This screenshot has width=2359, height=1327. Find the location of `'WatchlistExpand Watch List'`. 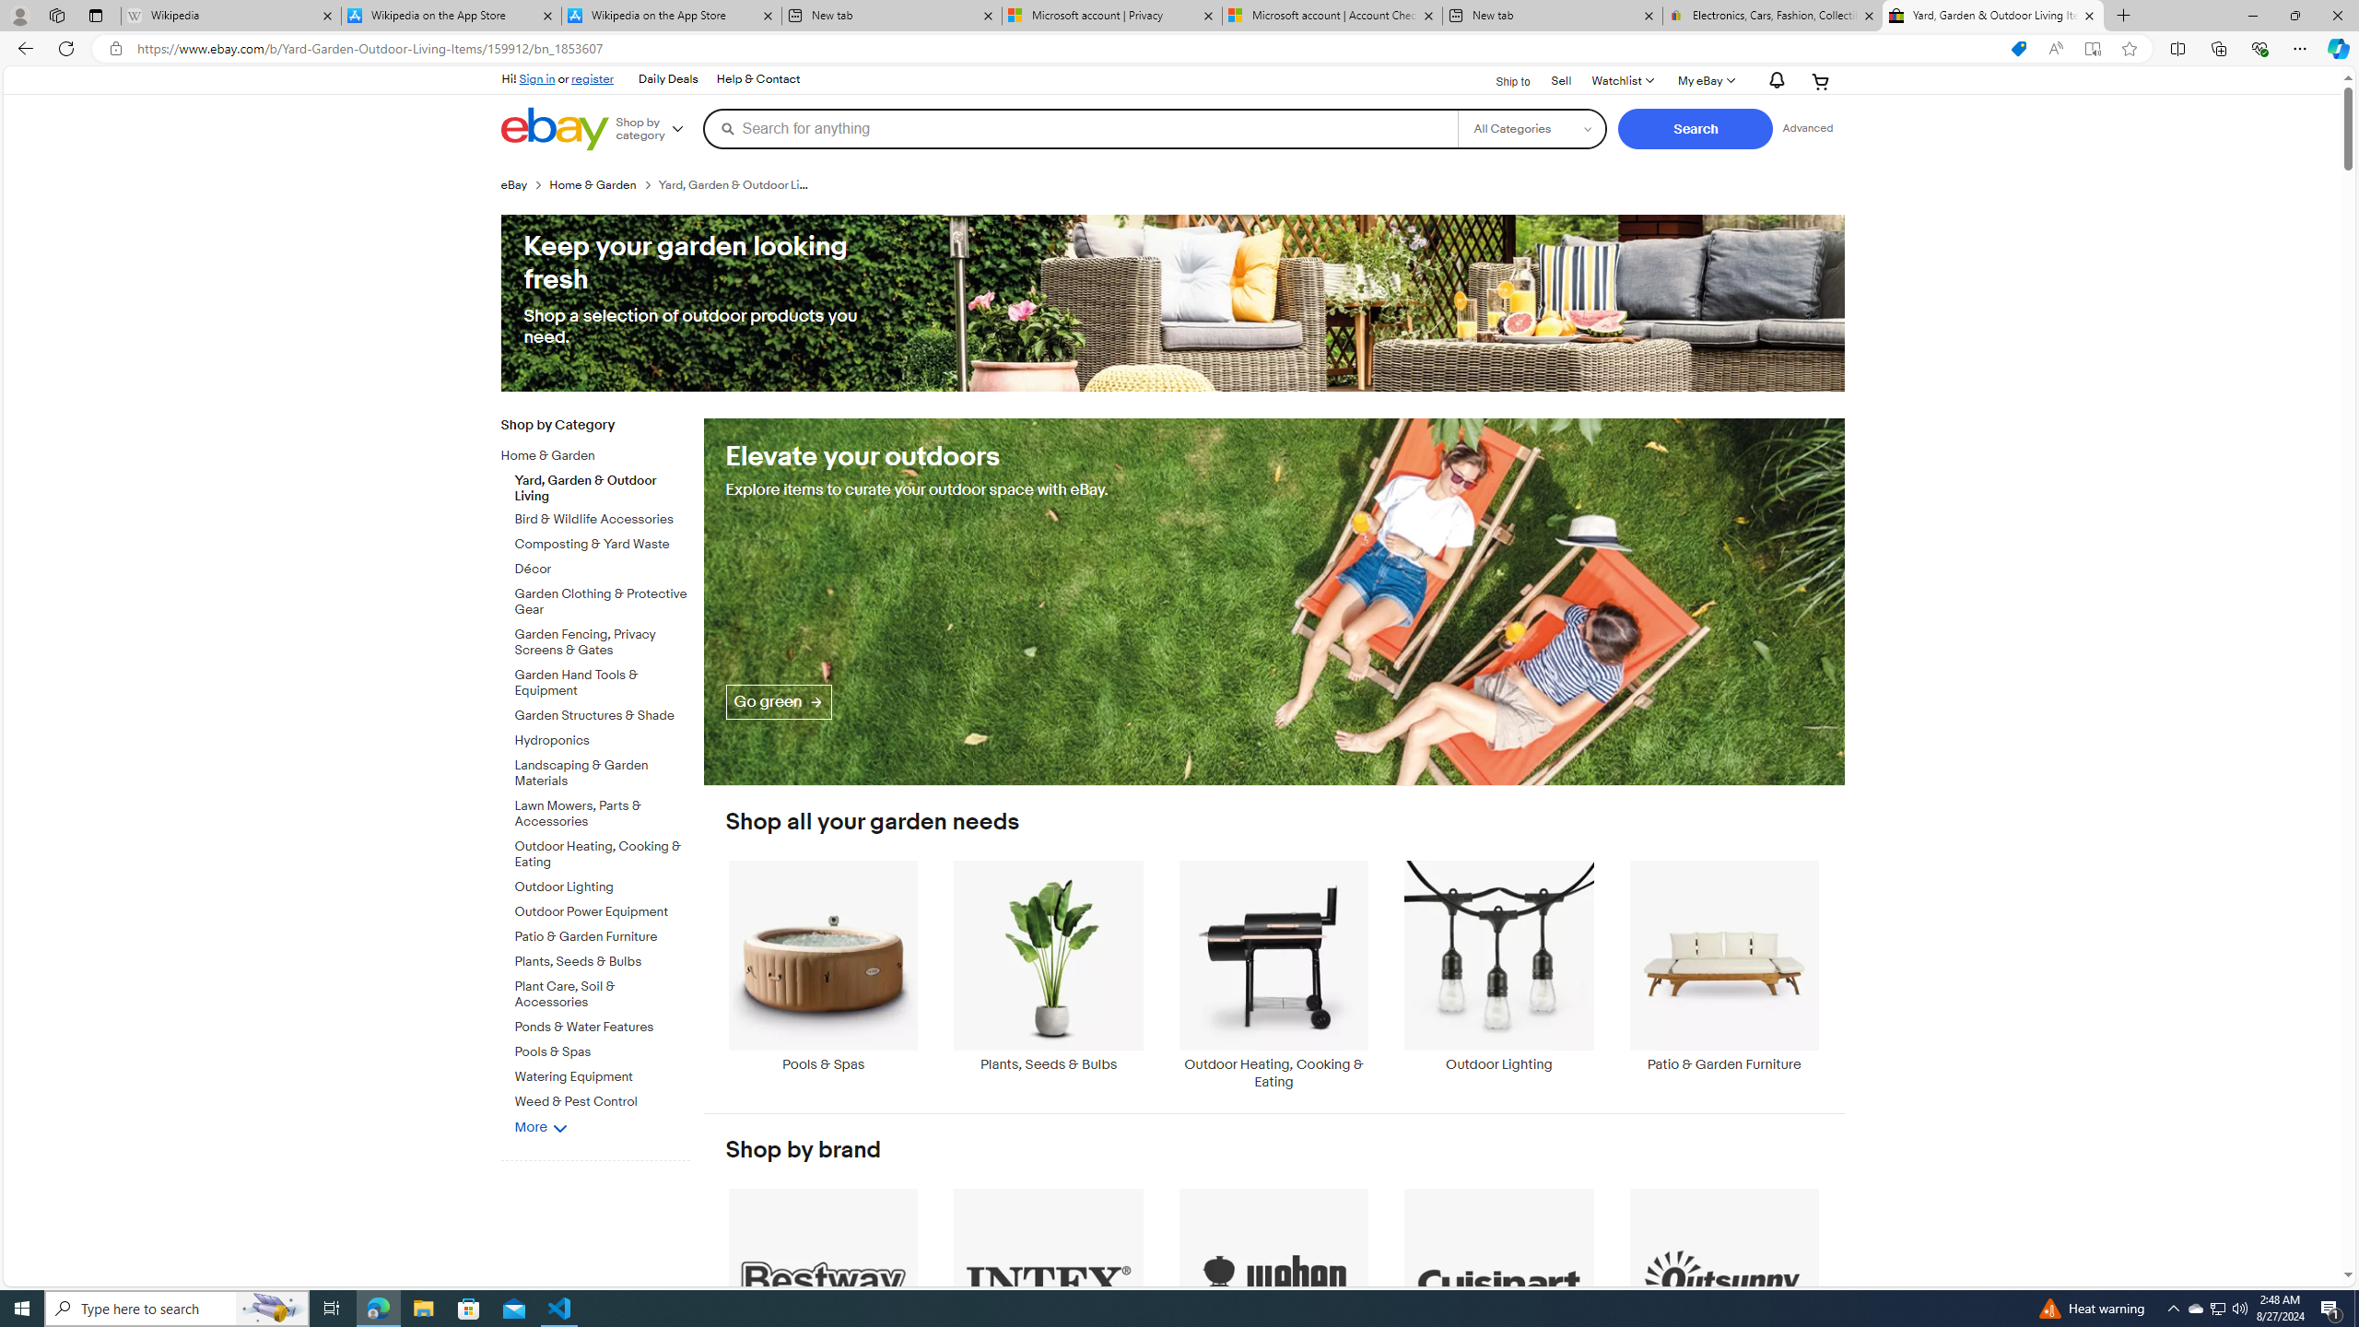

'WatchlistExpand Watch List' is located at coordinates (1622, 80).